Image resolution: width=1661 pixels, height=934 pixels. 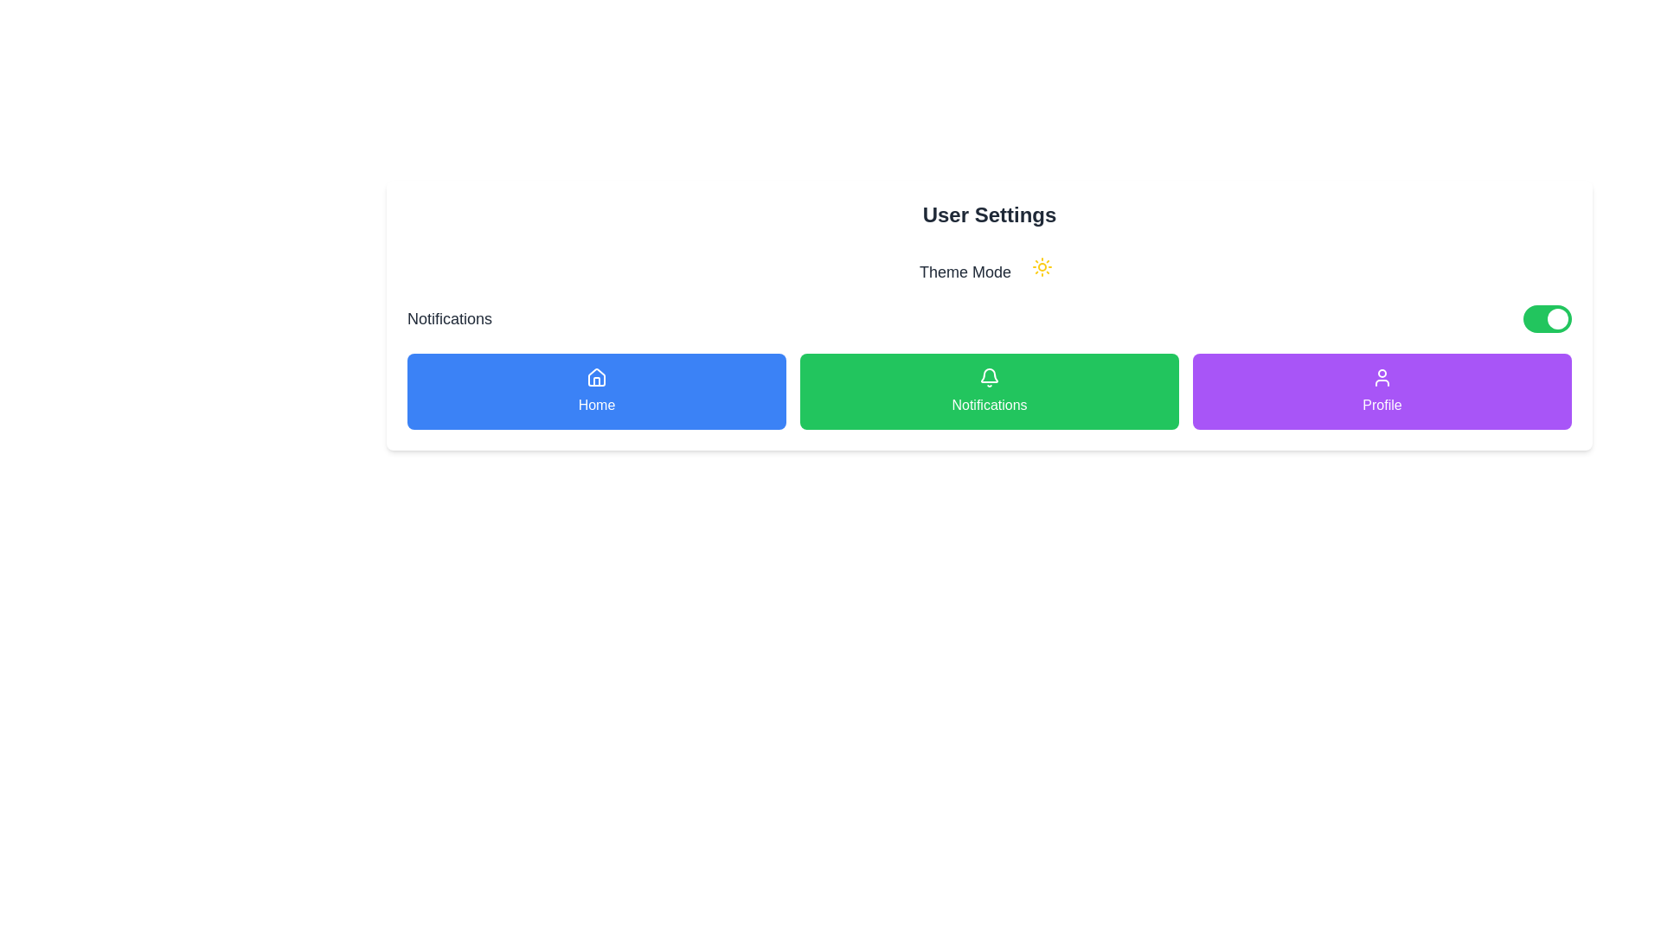 I want to click on the house icon located on the blue 'Home' button to possibly see a tooltip, so click(x=597, y=376).